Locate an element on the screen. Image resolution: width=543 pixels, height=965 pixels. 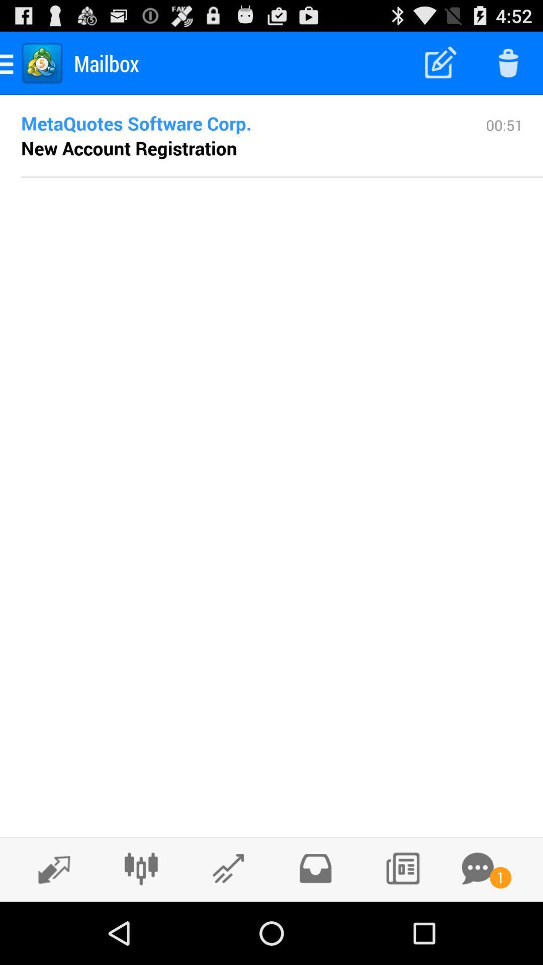
item to the left of the 00:51 icon is located at coordinates (128, 147).